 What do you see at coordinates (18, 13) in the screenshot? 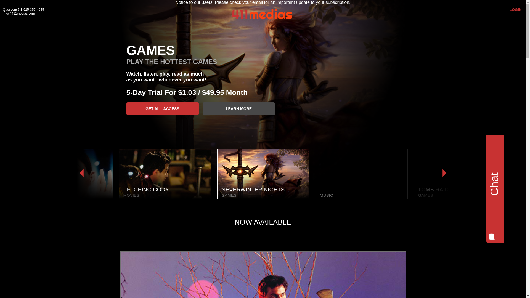
I see `'info@411medias.com'` at bounding box center [18, 13].